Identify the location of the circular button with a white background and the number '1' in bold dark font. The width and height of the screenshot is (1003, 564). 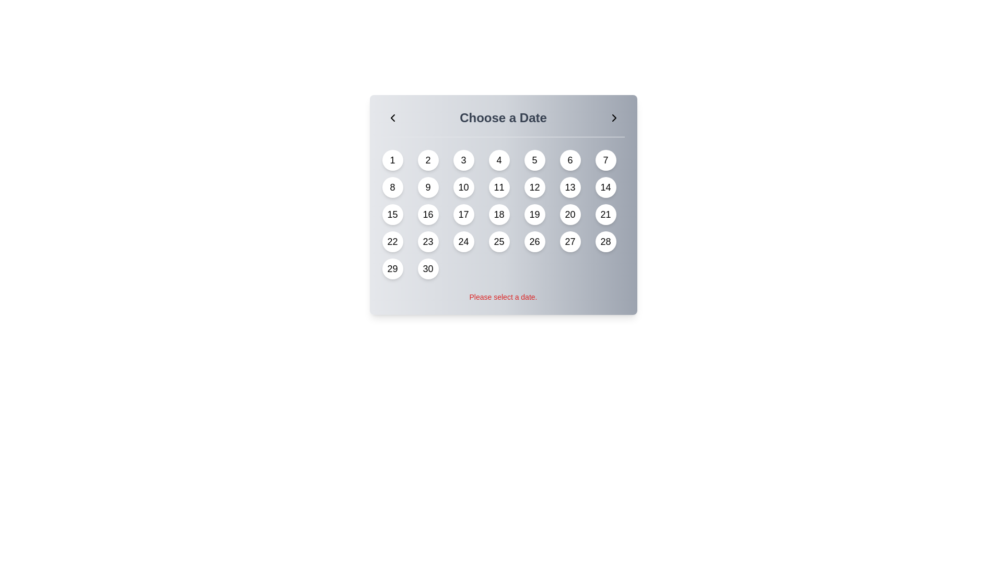
(392, 160).